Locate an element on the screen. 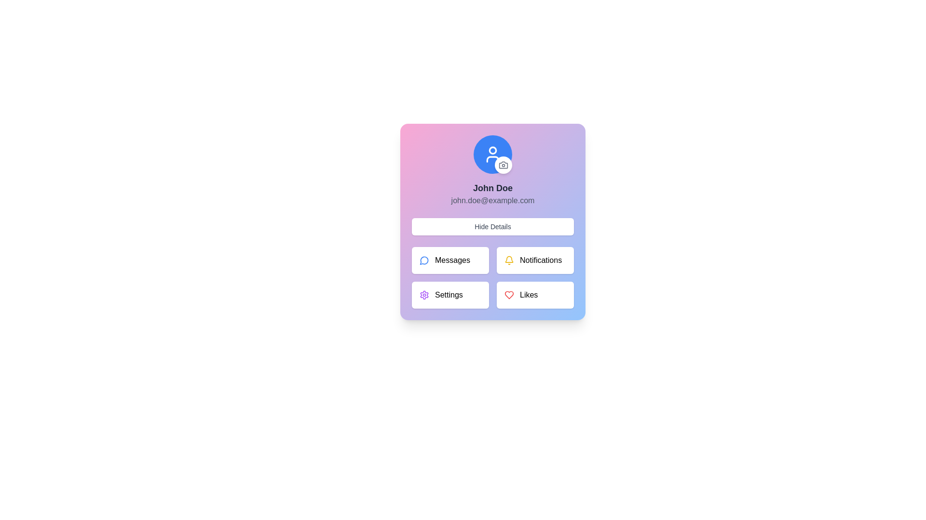 The image size is (926, 520). the heart icon located within the 'Likes' button is located at coordinates (509, 295).